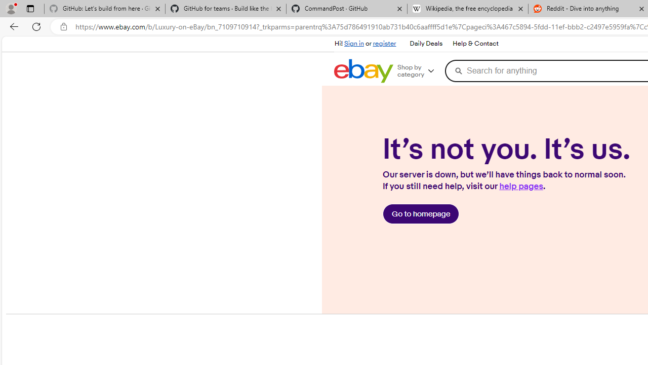 This screenshot has width=648, height=365. Describe the element at coordinates (426, 44) in the screenshot. I see `'Daily Deals'` at that location.